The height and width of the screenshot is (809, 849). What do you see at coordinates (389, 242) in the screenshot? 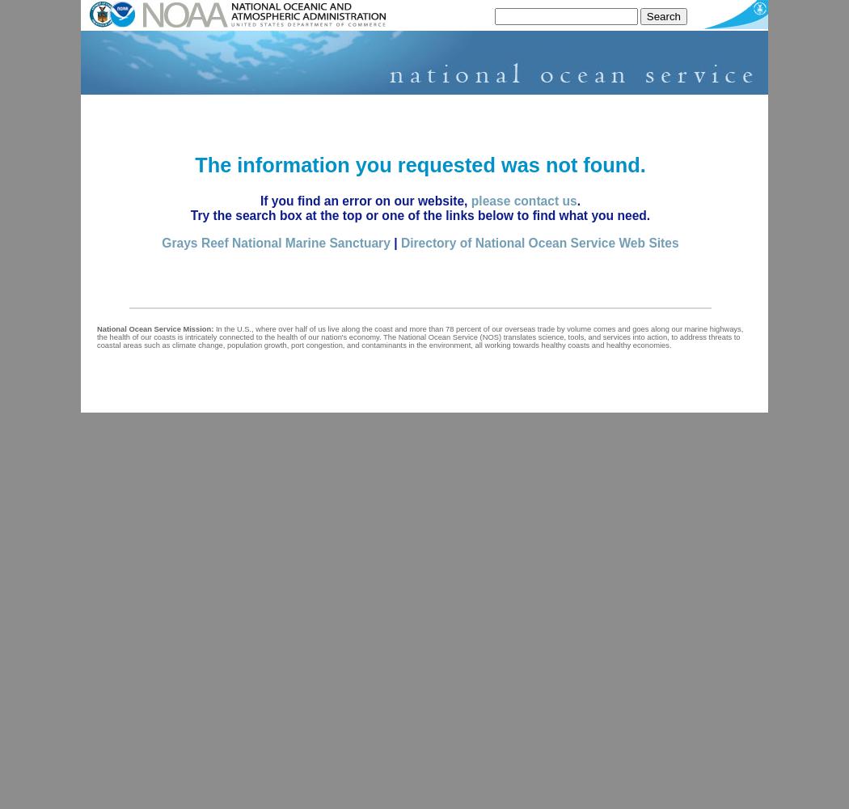
I see `'|'` at bounding box center [389, 242].